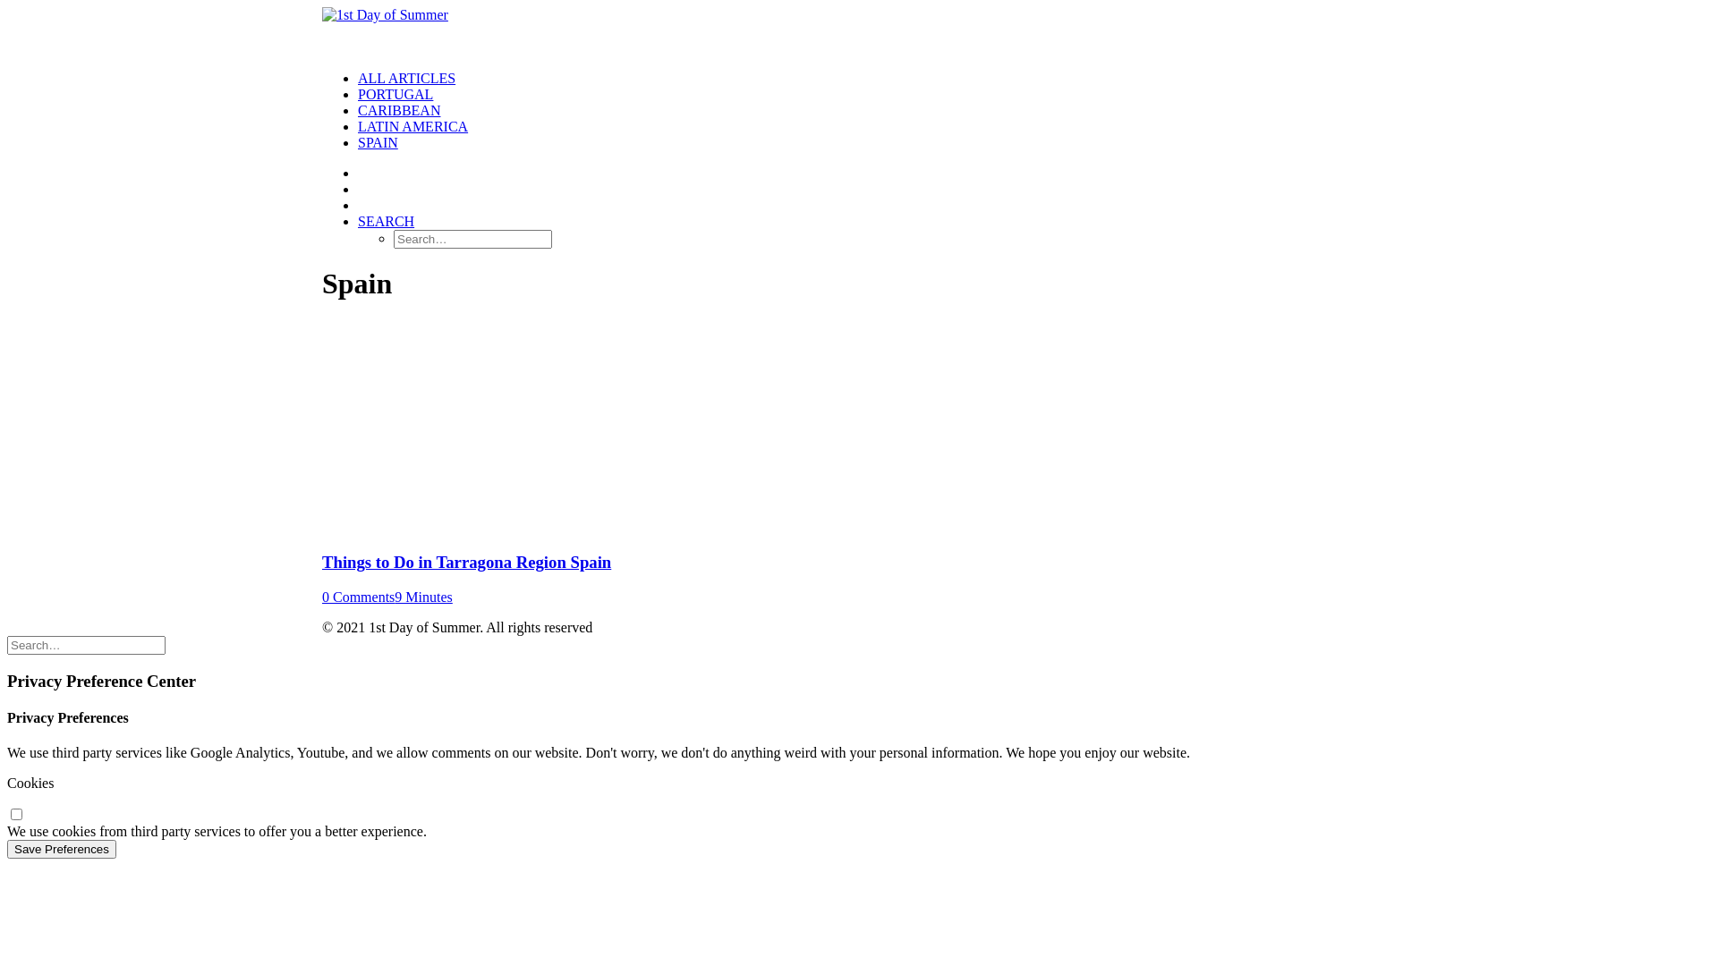 The height and width of the screenshot is (966, 1718). I want to click on 'Save Preferences', so click(7, 848).